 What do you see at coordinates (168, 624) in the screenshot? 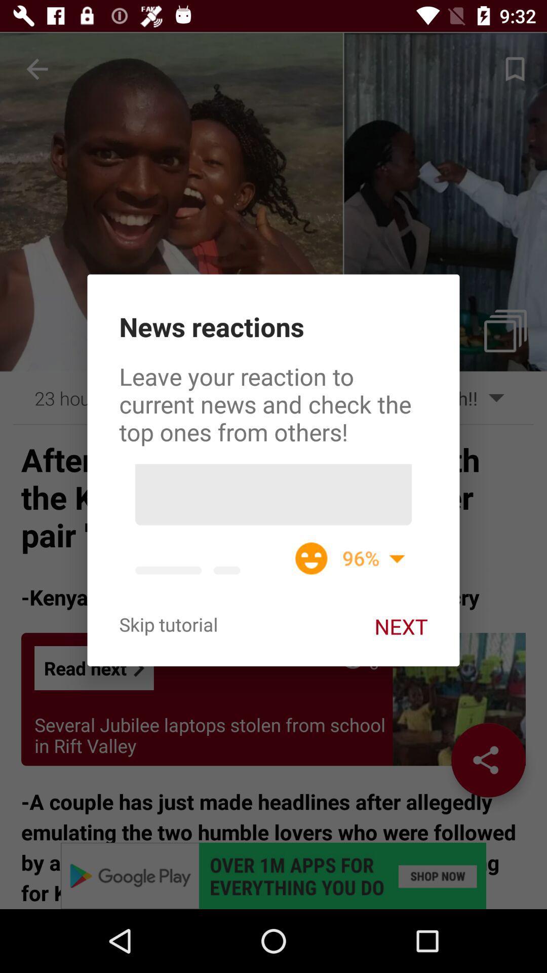
I see `the icon on the left` at bounding box center [168, 624].